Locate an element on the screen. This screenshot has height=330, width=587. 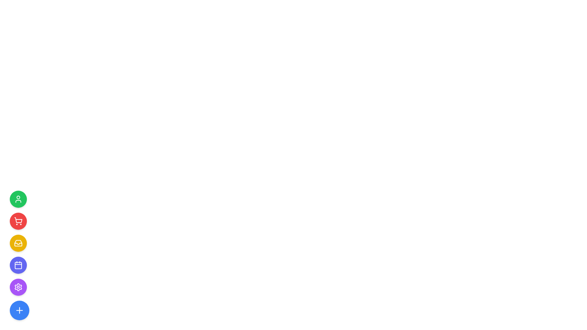
the circular button with a yellow background and an inbox icon by is located at coordinates (18, 243).